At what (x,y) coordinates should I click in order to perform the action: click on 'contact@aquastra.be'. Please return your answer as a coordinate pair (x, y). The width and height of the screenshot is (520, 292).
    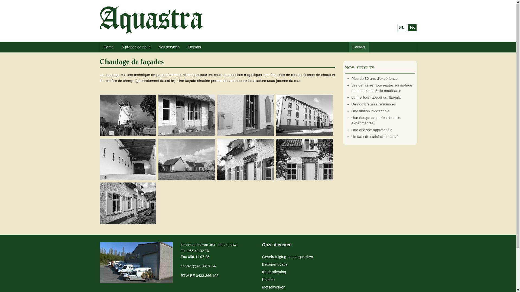
    Looking at the image, I should click on (198, 266).